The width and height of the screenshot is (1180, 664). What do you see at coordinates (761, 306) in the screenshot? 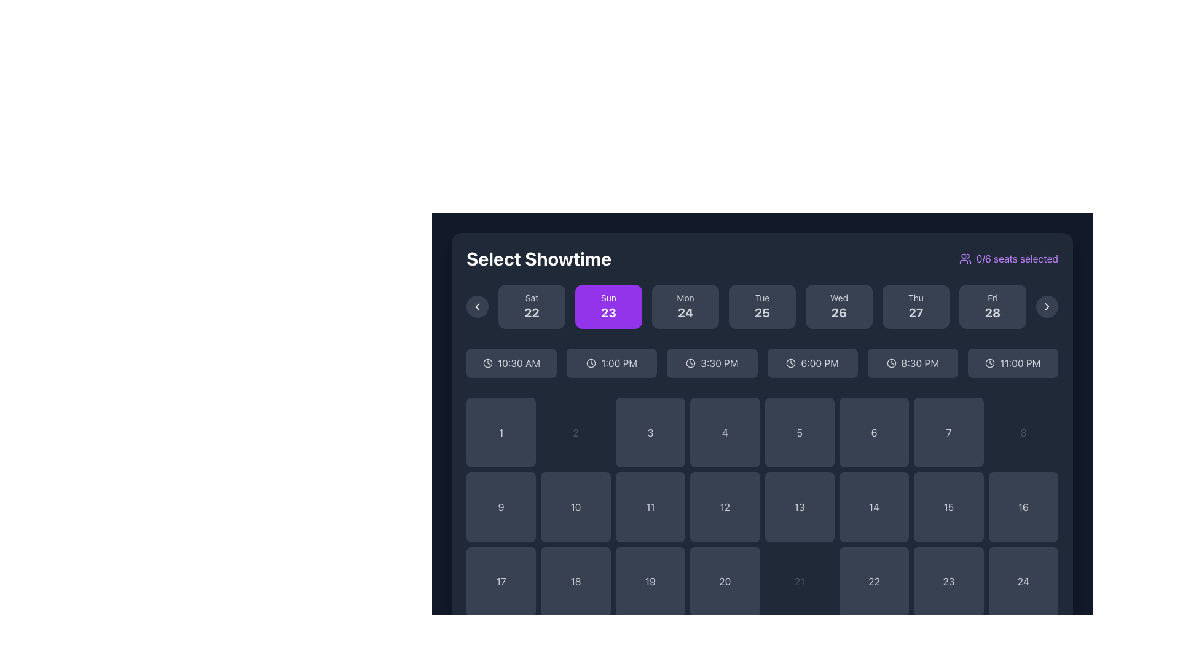
I see `the date selection button for Tuesday, 25th, located in the calendar section between 'Mon 24' and 'Wed 26'` at bounding box center [761, 306].